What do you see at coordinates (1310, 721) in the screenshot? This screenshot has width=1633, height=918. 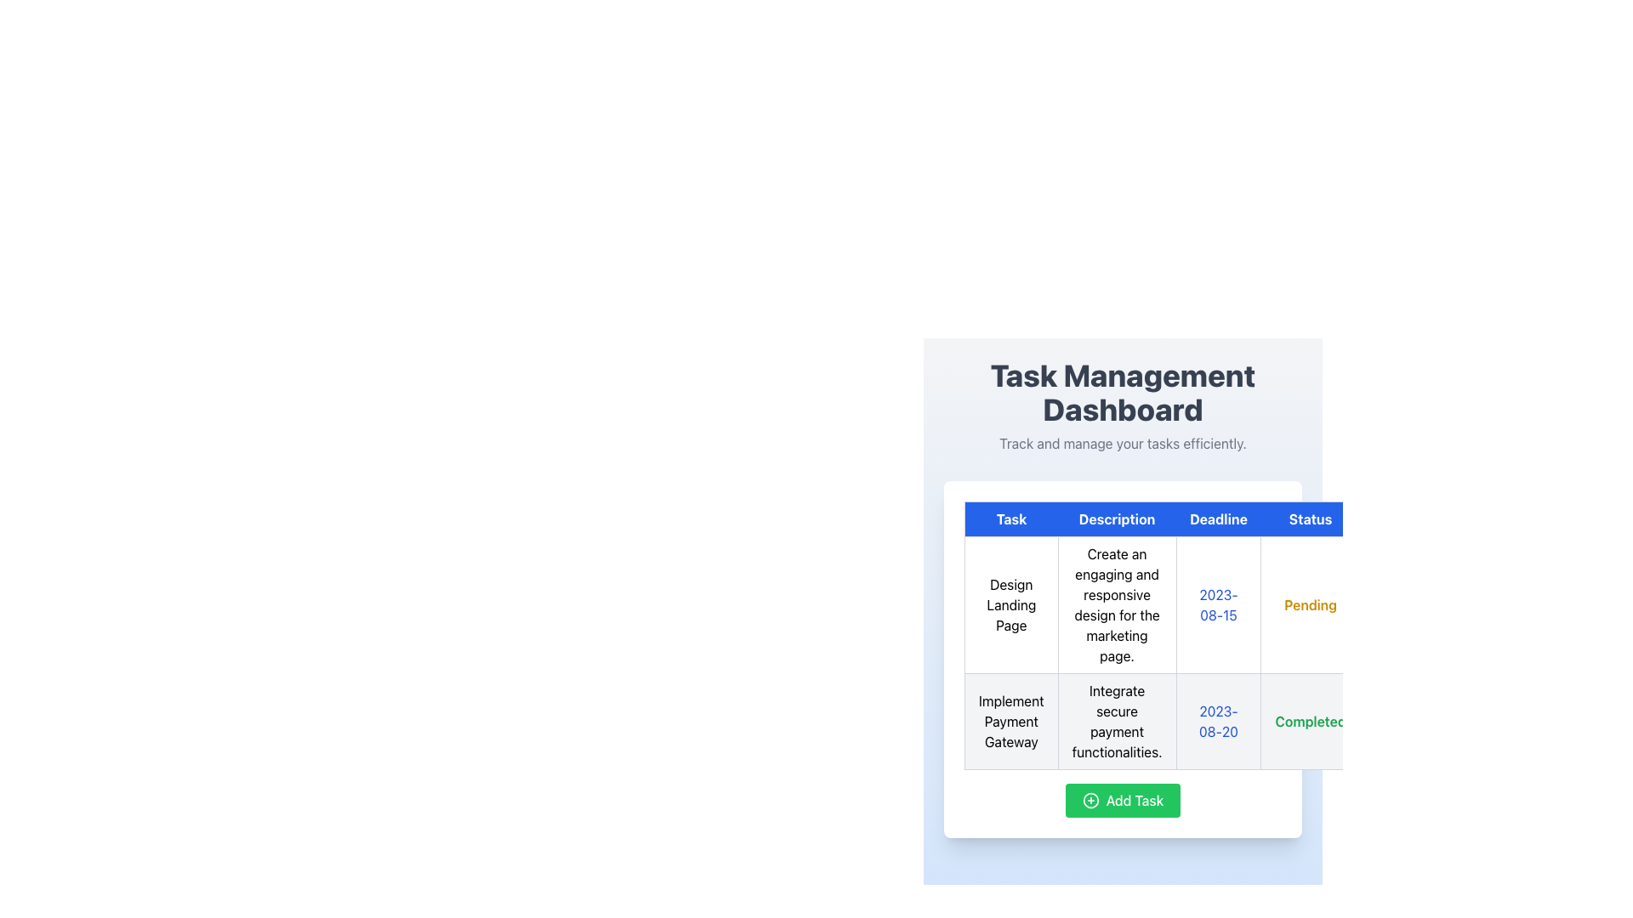 I see `the text label displaying 'Completed' in the 'Status' column of the task management table` at bounding box center [1310, 721].